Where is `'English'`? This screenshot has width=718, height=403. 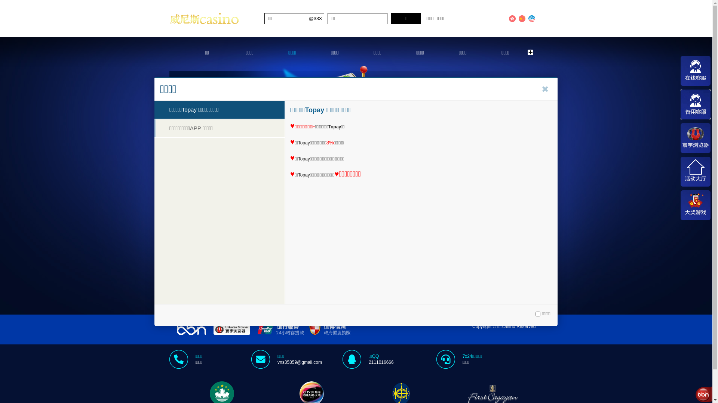
'English' is located at coordinates (531, 18).